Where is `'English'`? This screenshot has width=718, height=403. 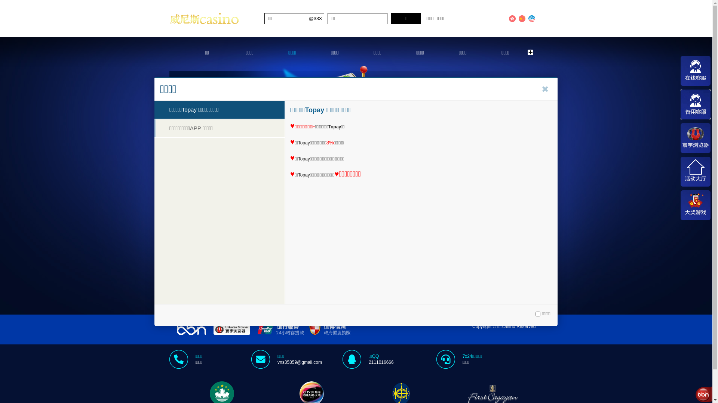
'English' is located at coordinates (531, 18).